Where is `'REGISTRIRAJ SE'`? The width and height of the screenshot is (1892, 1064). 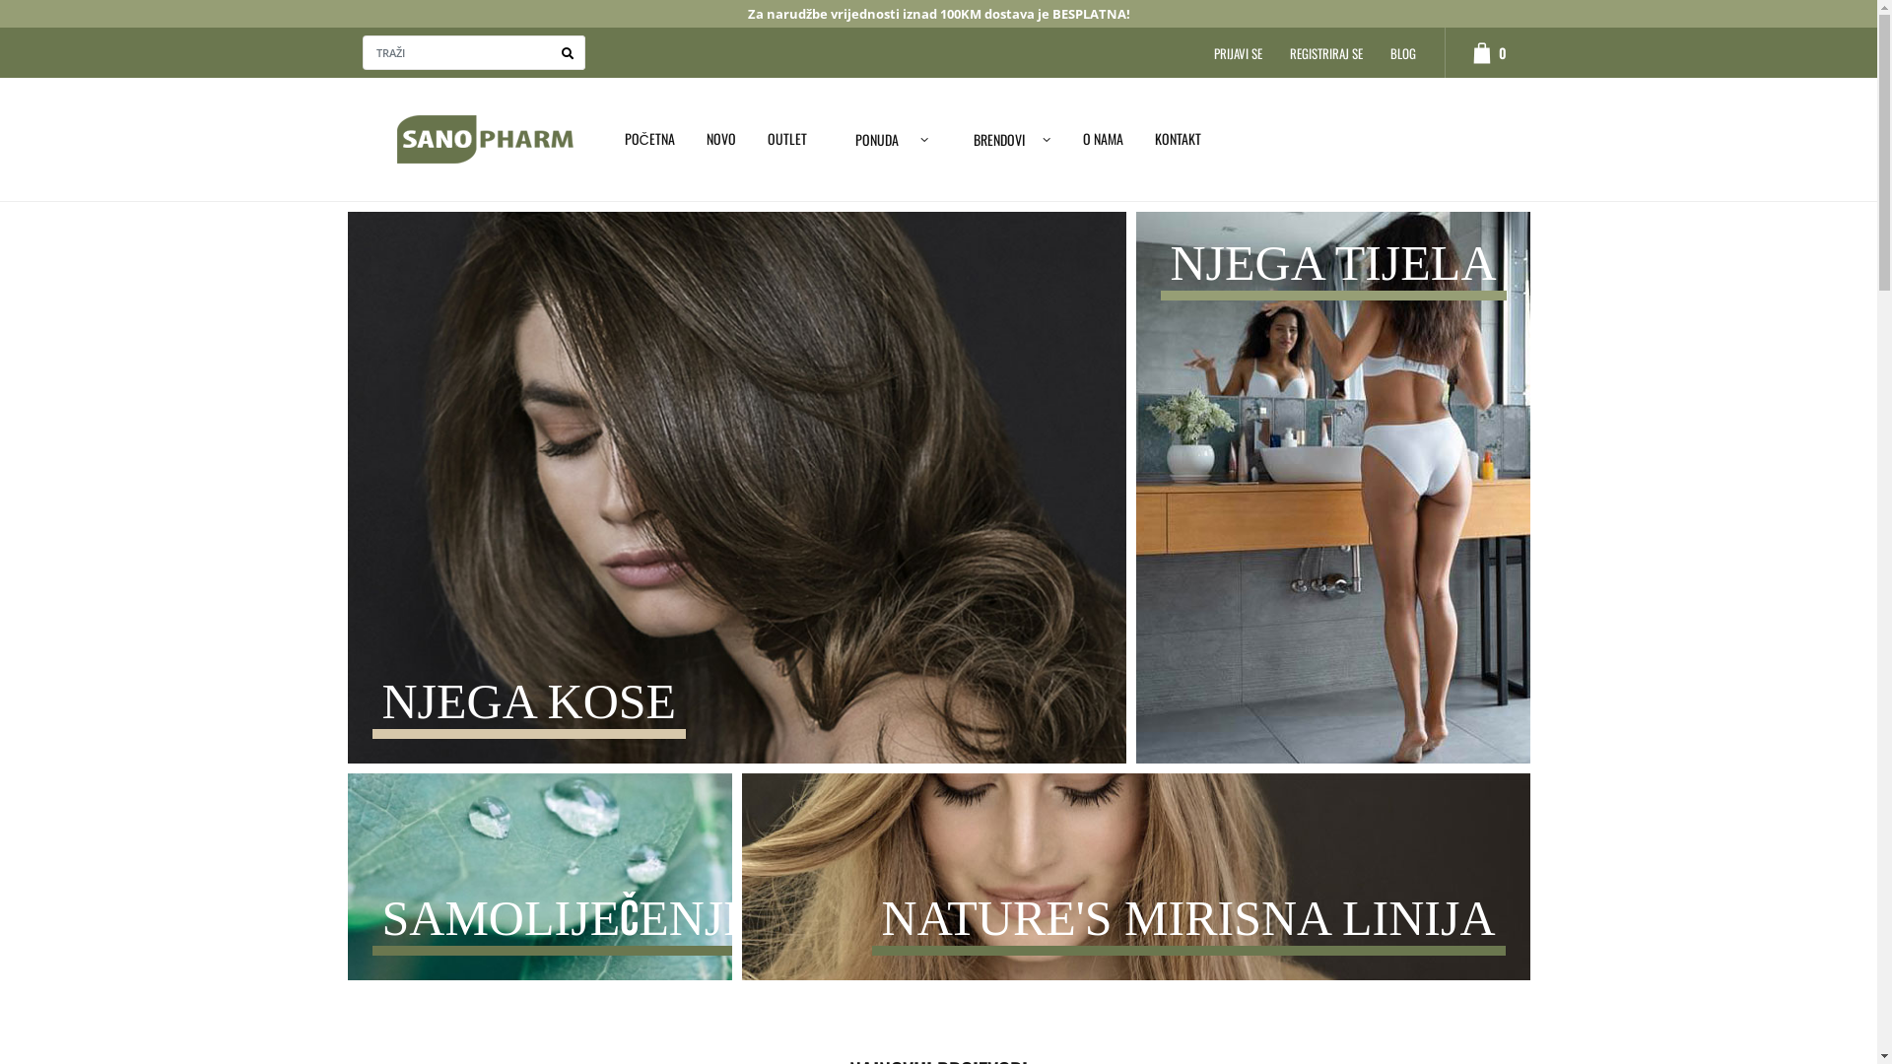 'REGISTRIRAJ SE' is located at coordinates (1325, 52).